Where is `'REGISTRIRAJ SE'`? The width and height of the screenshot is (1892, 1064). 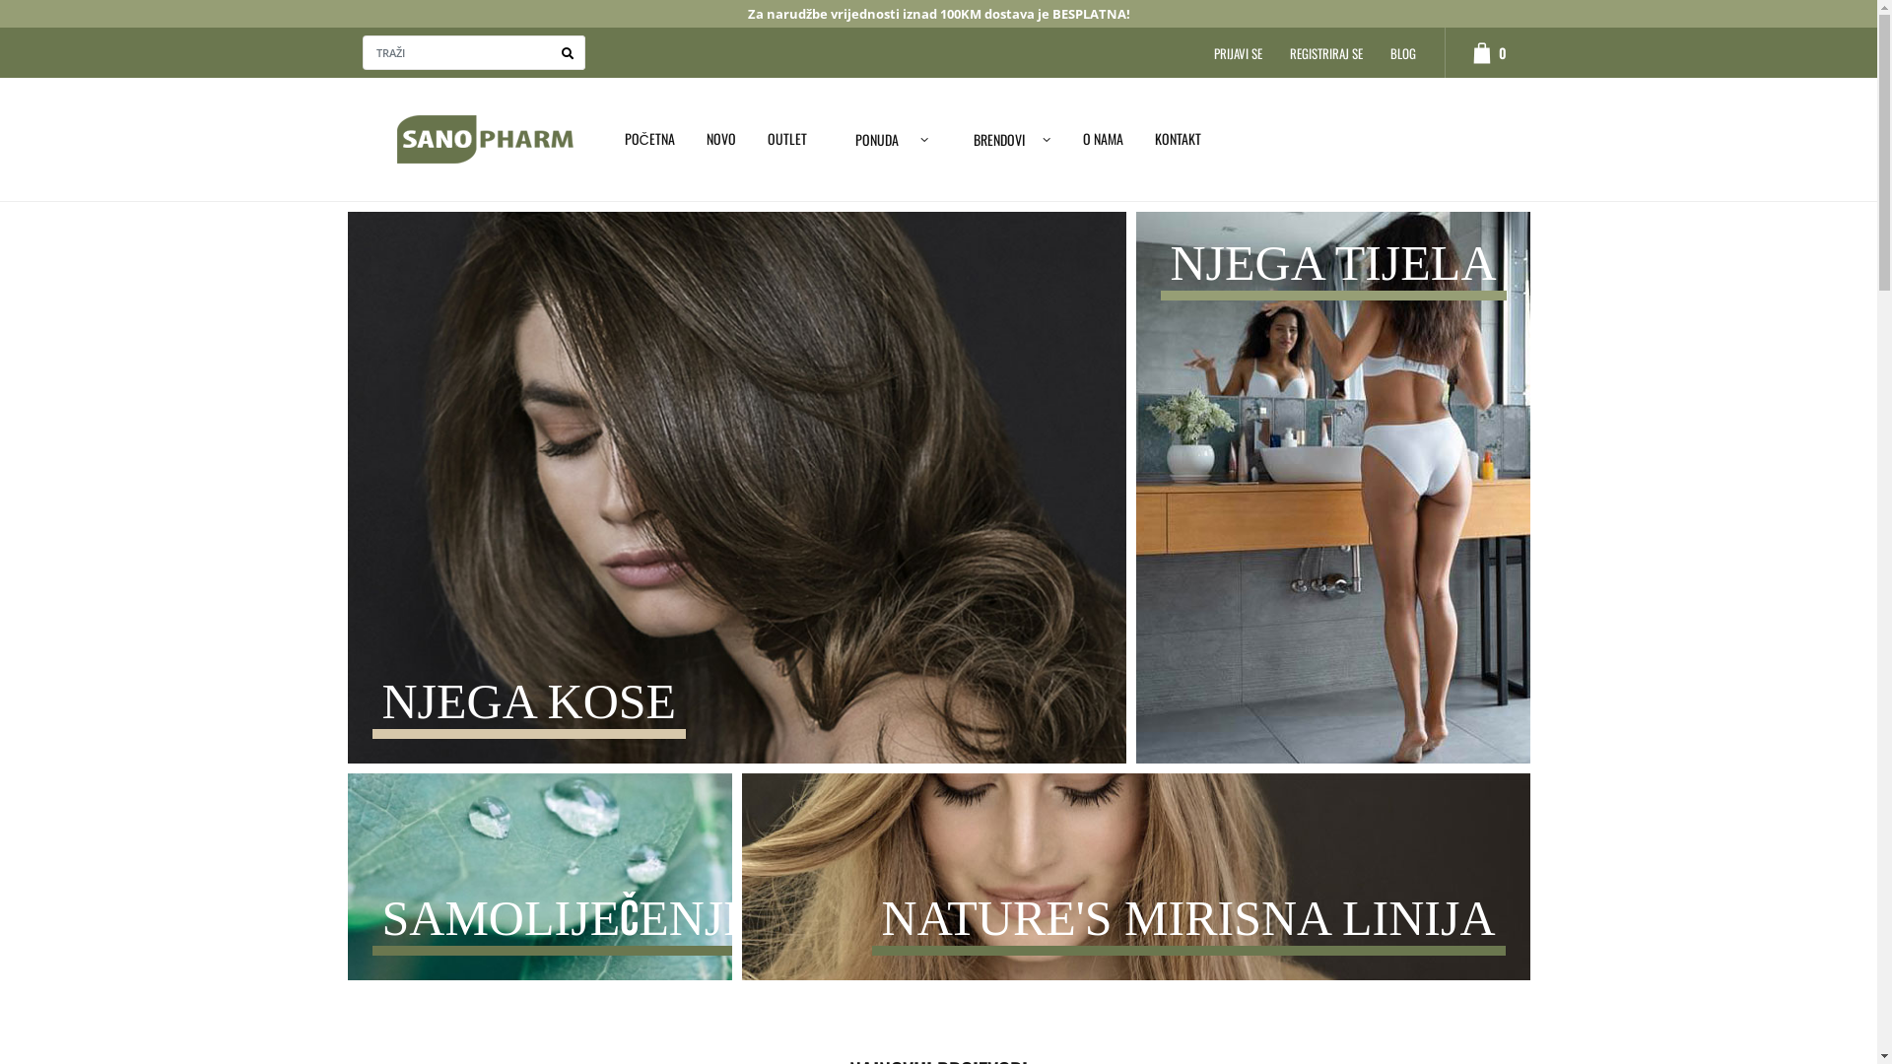 'REGISTRIRAJ SE' is located at coordinates (1325, 52).